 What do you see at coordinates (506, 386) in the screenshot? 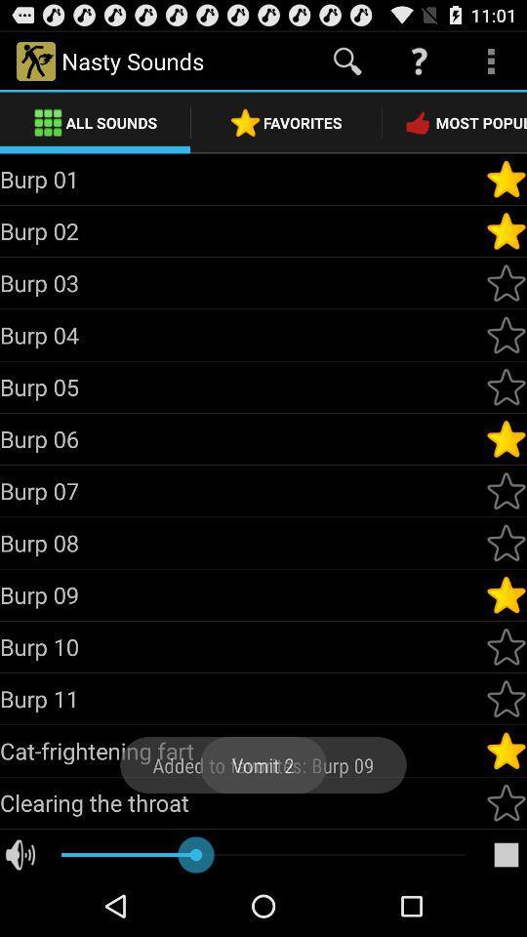
I see `favorite` at bounding box center [506, 386].